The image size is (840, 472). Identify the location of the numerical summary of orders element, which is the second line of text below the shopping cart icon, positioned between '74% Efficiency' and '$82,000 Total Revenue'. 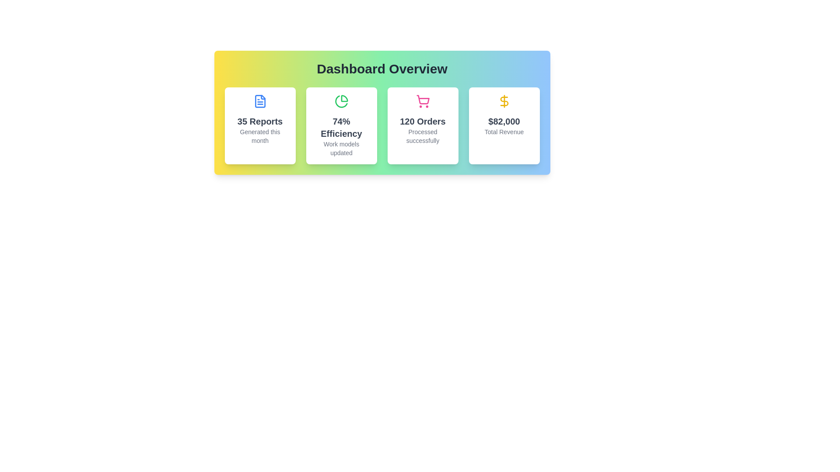
(423, 121).